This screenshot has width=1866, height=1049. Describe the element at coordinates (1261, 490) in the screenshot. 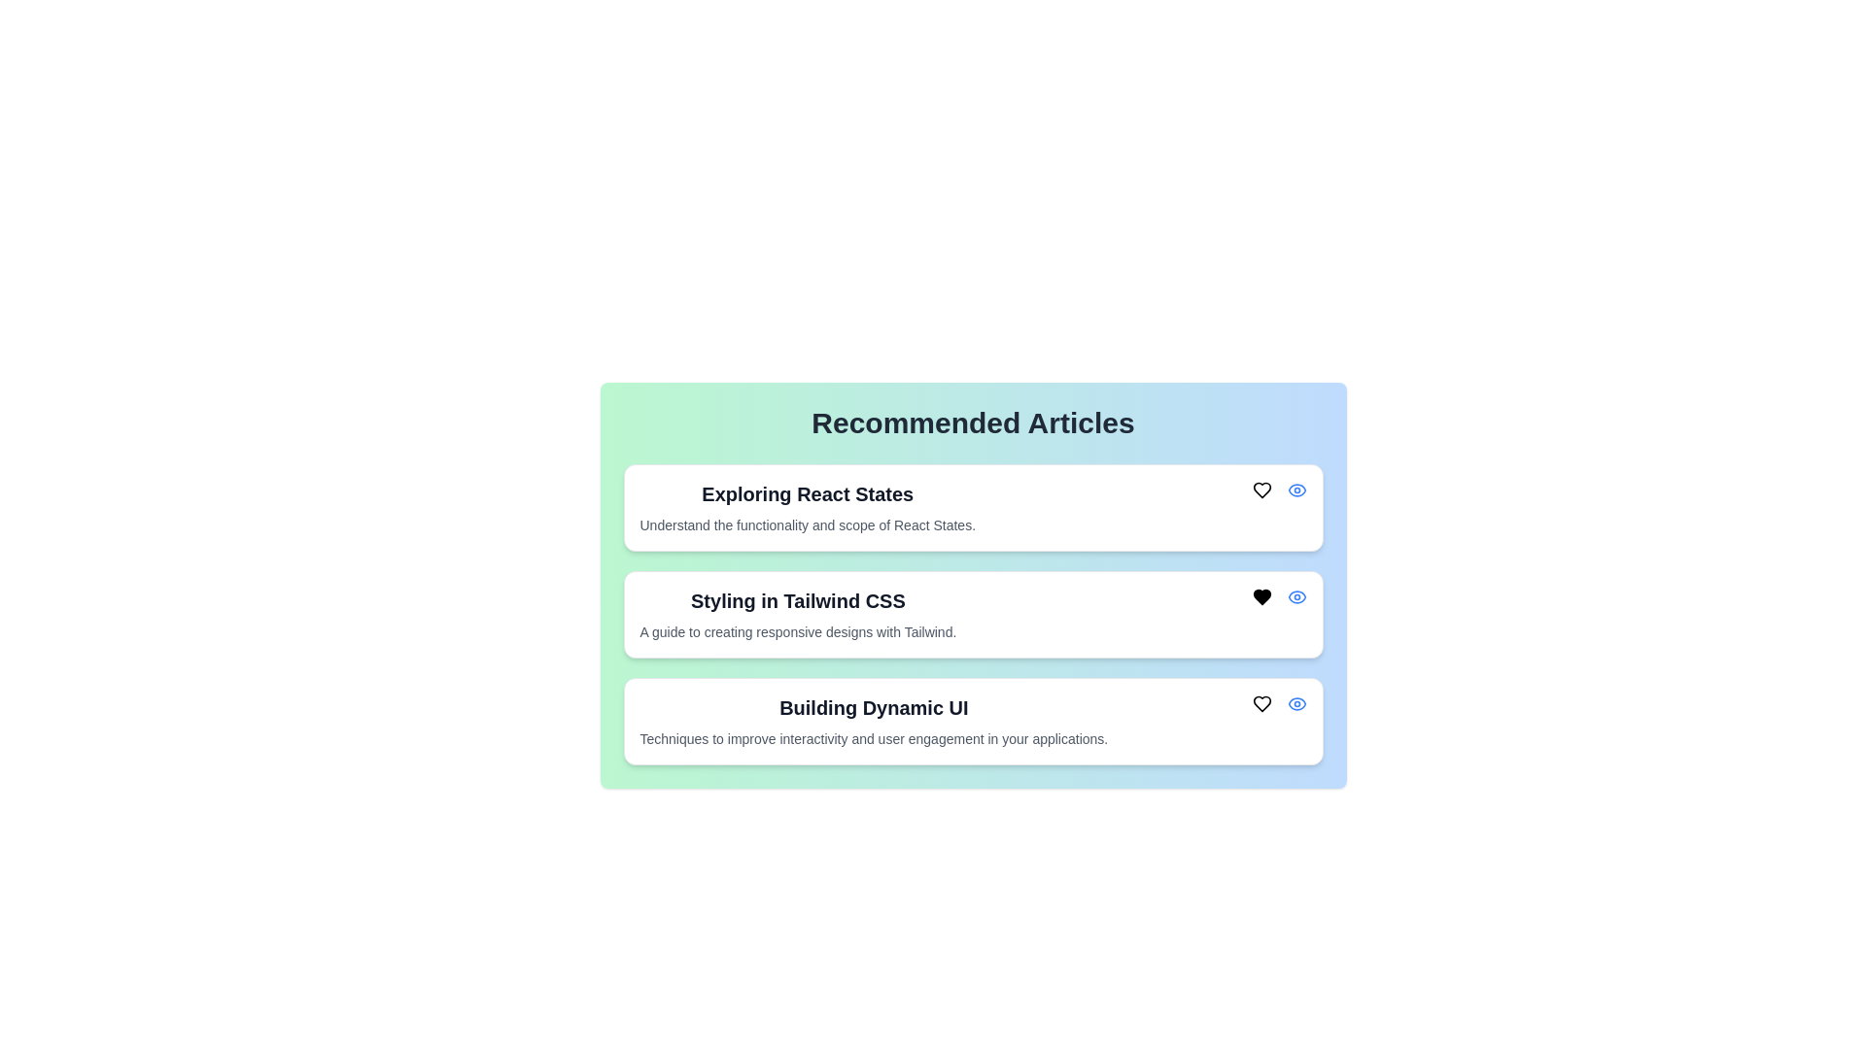

I see `the favorite button for the article titled 'Exploring React States' to toggle its favorite status` at that location.